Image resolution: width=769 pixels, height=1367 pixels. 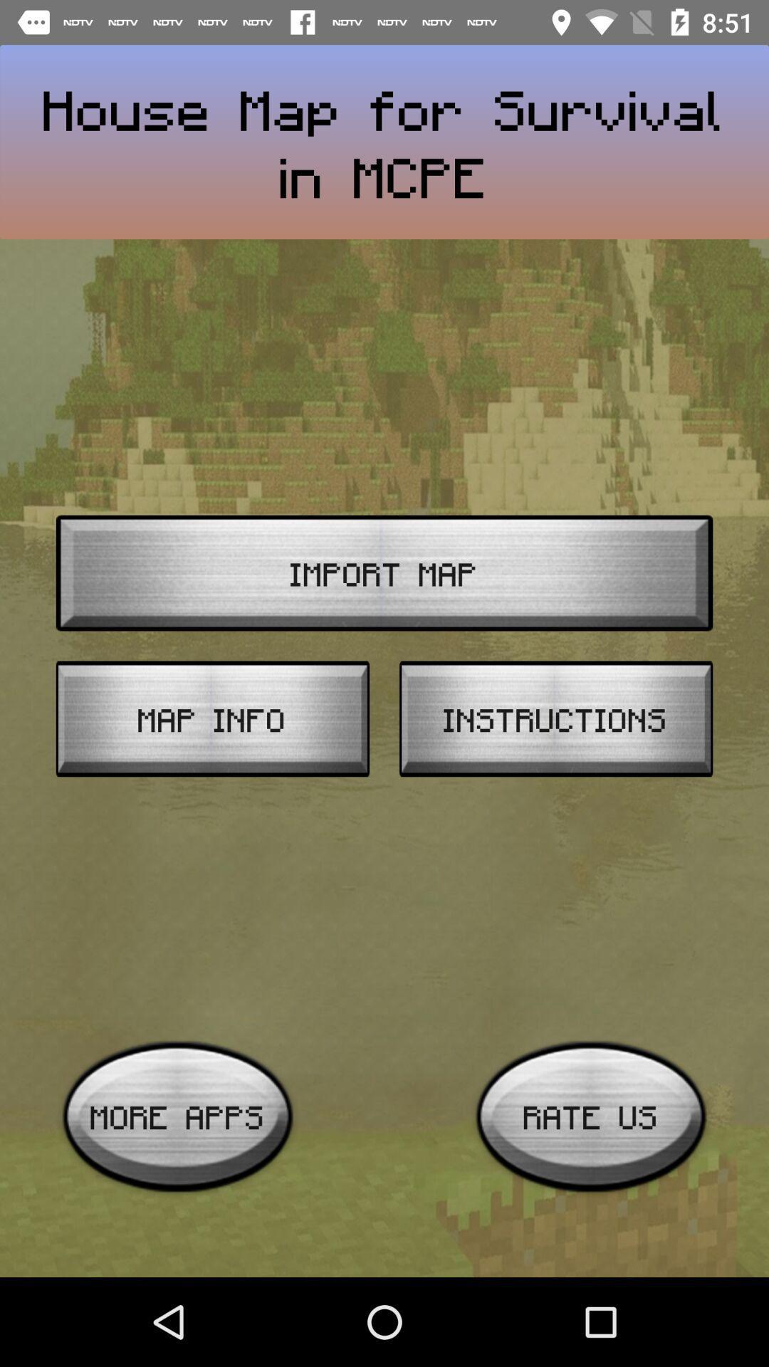 What do you see at coordinates (384, 573) in the screenshot?
I see `the item below house map for item` at bounding box center [384, 573].